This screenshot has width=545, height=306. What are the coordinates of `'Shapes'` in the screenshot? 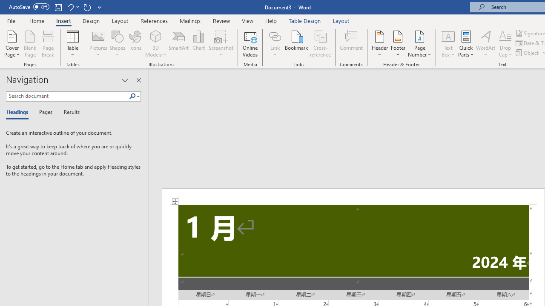 It's located at (117, 44).